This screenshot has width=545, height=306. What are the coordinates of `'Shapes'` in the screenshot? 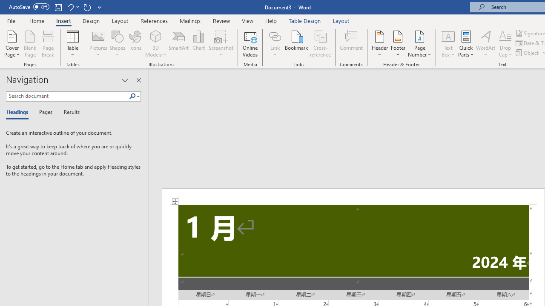 It's located at (117, 44).